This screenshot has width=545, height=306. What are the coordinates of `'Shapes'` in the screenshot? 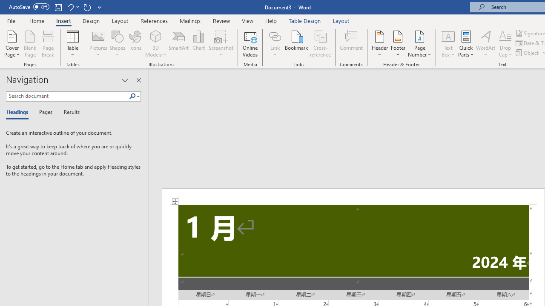 It's located at (117, 44).